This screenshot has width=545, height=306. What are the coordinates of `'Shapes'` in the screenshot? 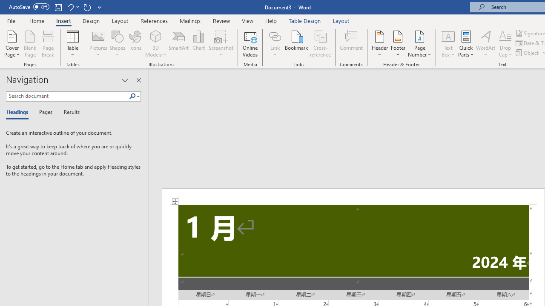 It's located at (117, 44).